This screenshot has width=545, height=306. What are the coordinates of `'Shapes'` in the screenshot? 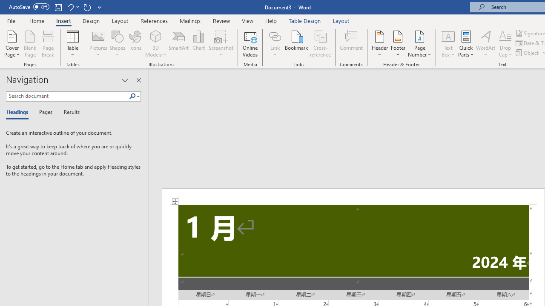 It's located at (117, 44).